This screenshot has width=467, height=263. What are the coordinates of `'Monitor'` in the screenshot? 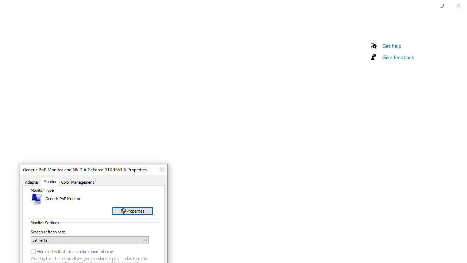 It's located at (50, 181).